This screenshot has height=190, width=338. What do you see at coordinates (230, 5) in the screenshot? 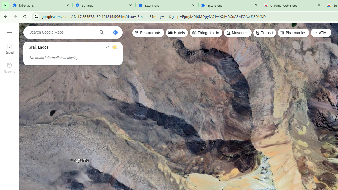
I see `'Extensions'` at bounding box center [230, 5].